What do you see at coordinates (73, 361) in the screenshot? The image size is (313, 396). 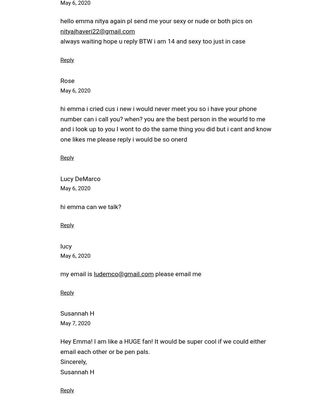 I see `'Sincerely,'` at bounding box center [73, 361].